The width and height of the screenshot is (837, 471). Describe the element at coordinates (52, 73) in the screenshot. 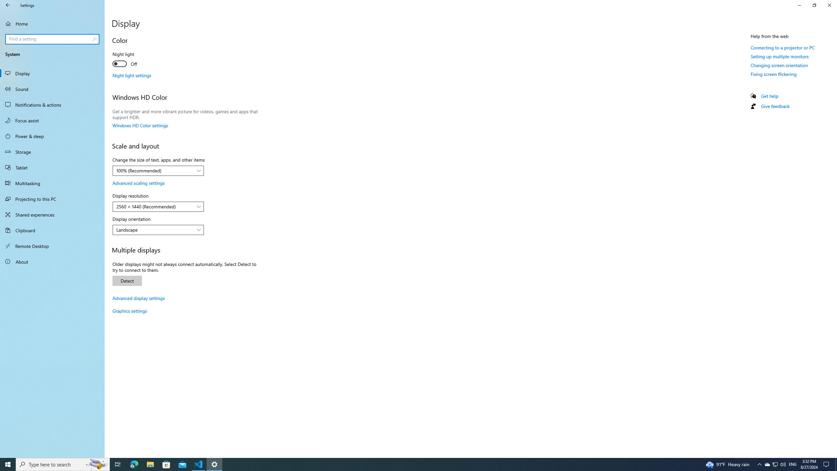

I see `'Display'` at that location.